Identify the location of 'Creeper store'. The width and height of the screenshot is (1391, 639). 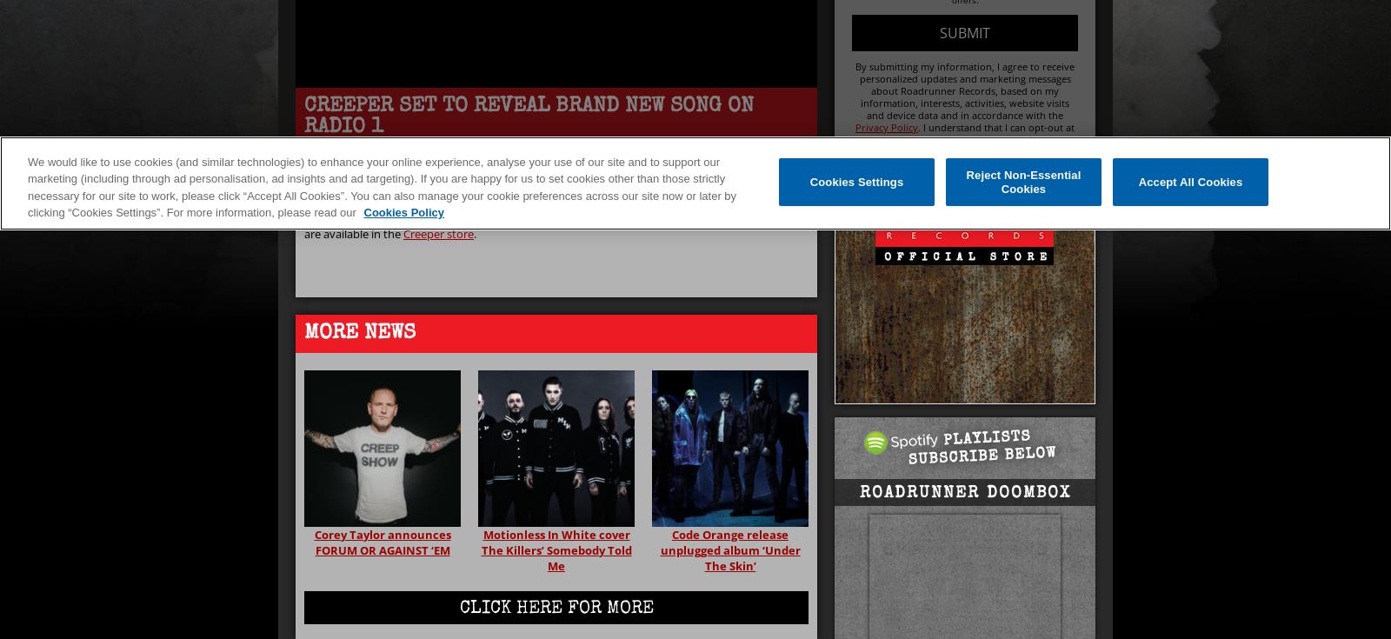
(437, 234).